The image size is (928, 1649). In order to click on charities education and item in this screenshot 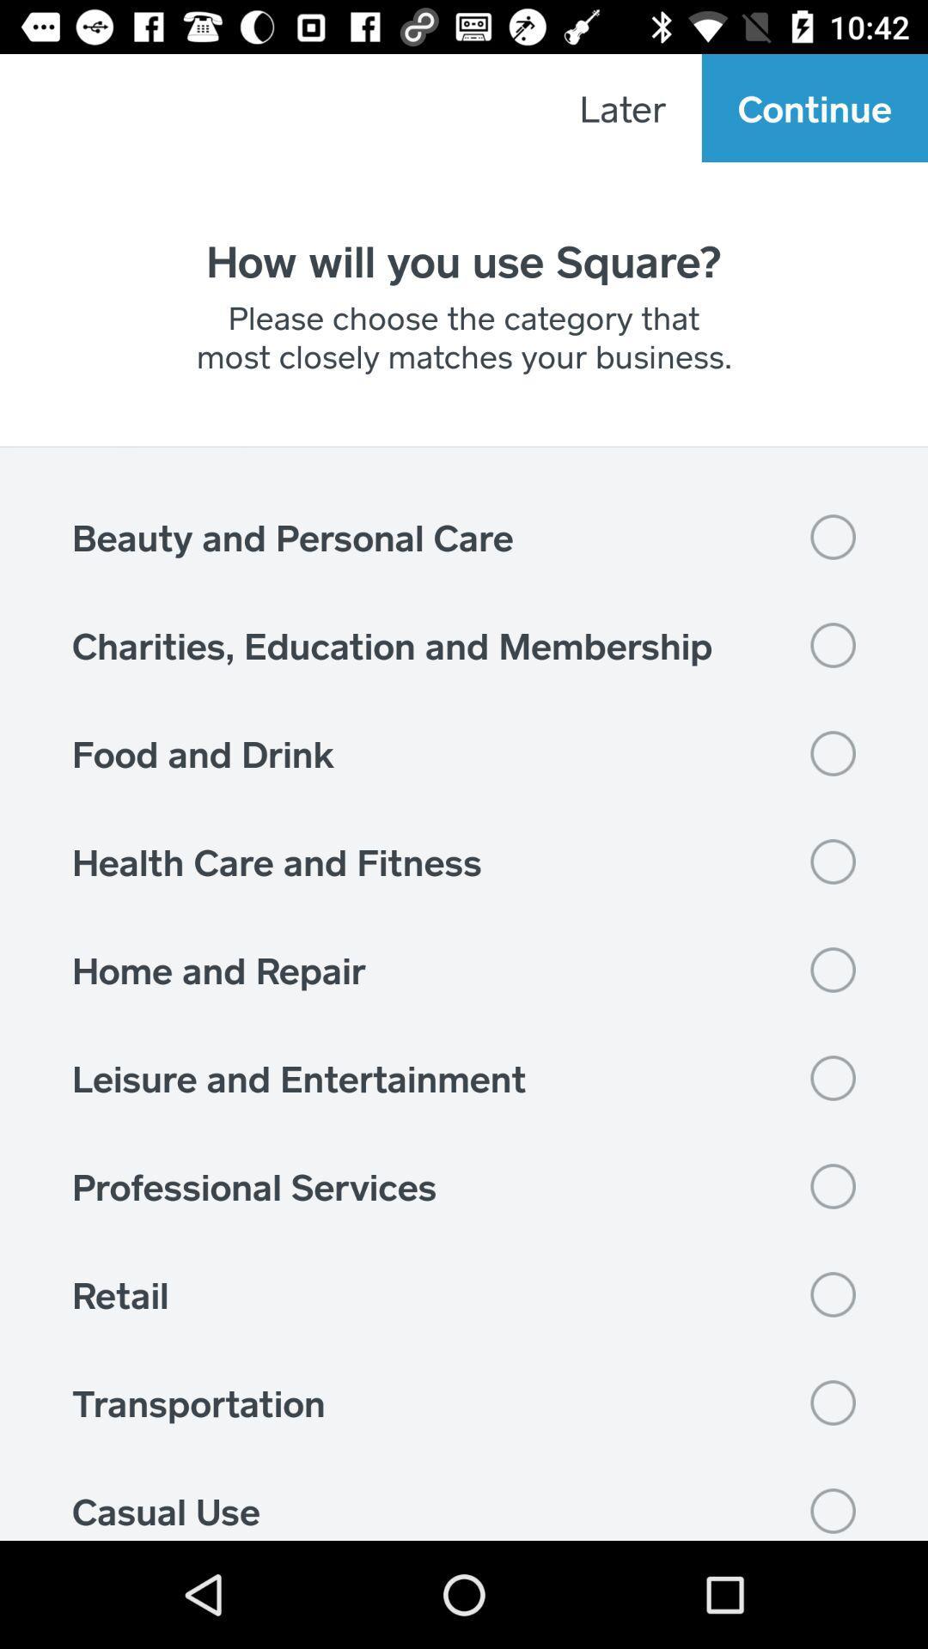, I will do `click(464, 644)`.